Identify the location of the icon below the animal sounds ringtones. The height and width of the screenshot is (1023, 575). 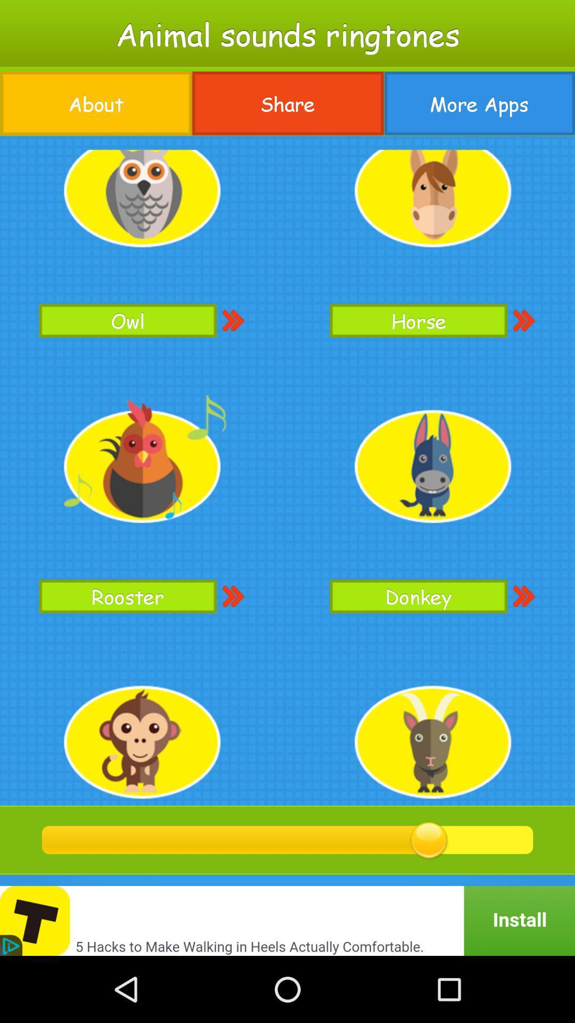
(479, 103).